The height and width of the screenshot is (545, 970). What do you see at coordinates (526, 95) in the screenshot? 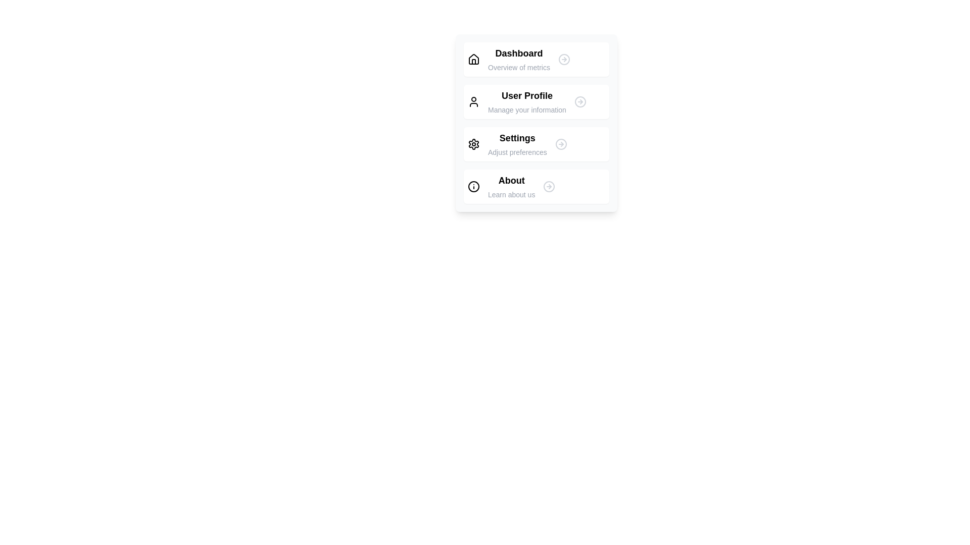
I see `the 'User Profile' text label, which serves as a header for the user profile section, positioned in the second section of a vertical list of four sections` at bounding box center [526, 95].